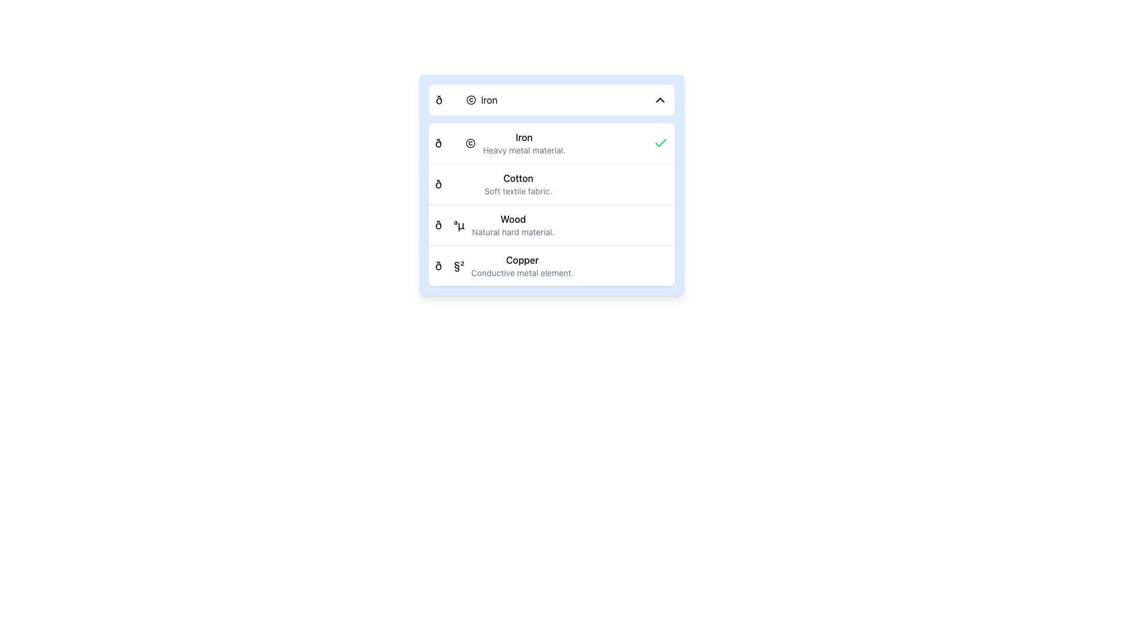  What do you see at coordinates (489, 100) in the screenshot?
I see `the text label reading 'Iron'` at bounding box center [489, 100].